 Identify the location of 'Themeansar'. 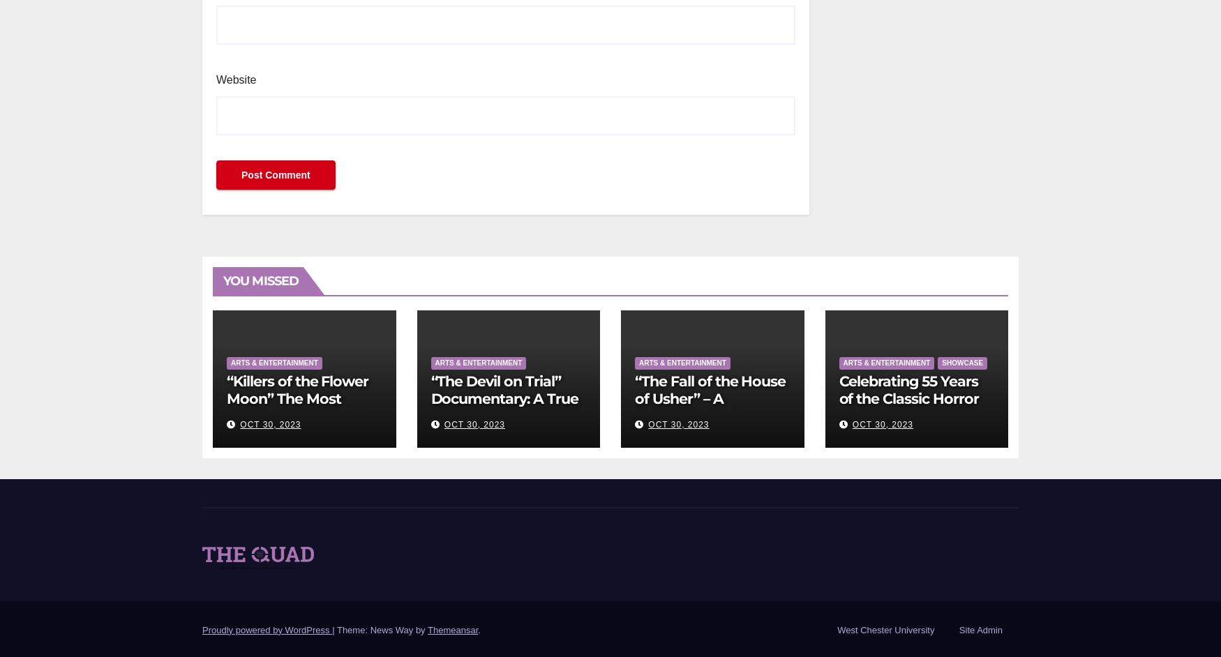
(452, 628).